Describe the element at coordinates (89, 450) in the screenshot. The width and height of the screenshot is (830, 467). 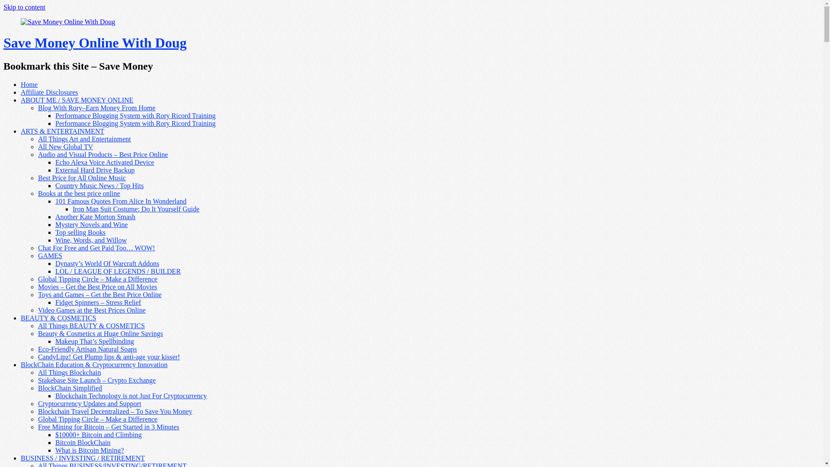
I see `'What is Bitcoin Mining?'` at that location.